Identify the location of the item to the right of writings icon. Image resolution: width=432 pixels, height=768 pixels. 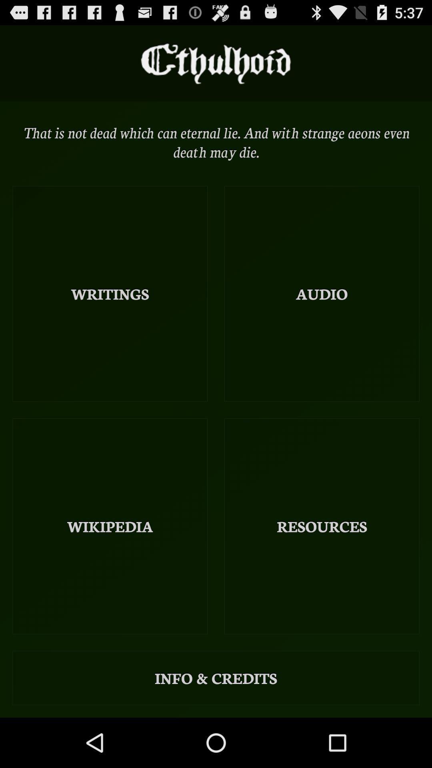
(321, 293).